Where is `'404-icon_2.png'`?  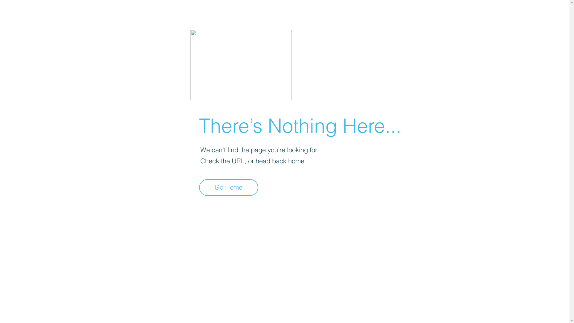
'404-icon_2.png' is located at coordinates (241, 65).